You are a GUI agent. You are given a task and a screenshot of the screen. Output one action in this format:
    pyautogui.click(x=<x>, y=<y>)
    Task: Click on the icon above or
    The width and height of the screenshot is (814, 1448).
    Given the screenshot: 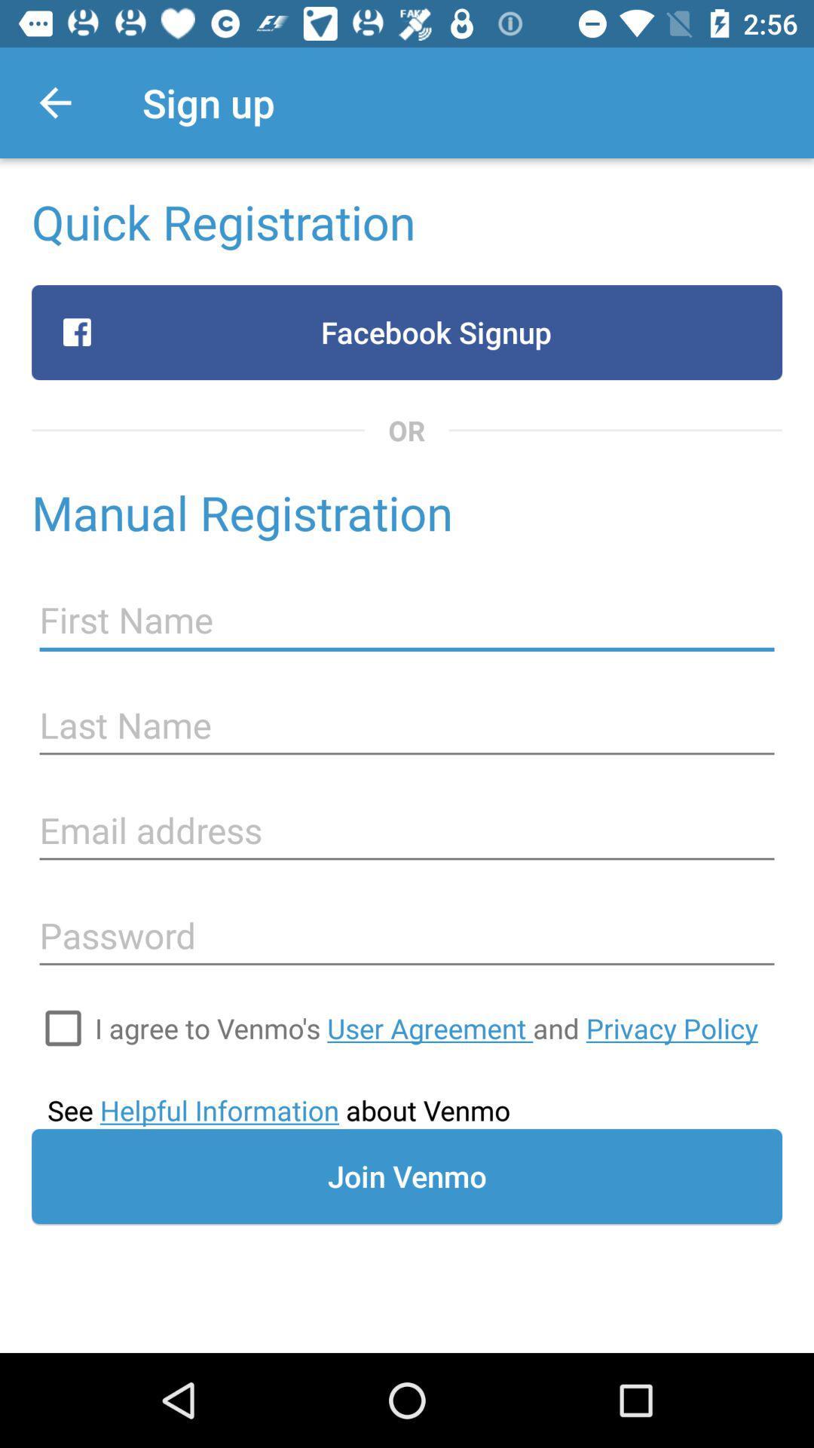 What is the action you would take?
    pyautogui.click(x=407, y=332)
    